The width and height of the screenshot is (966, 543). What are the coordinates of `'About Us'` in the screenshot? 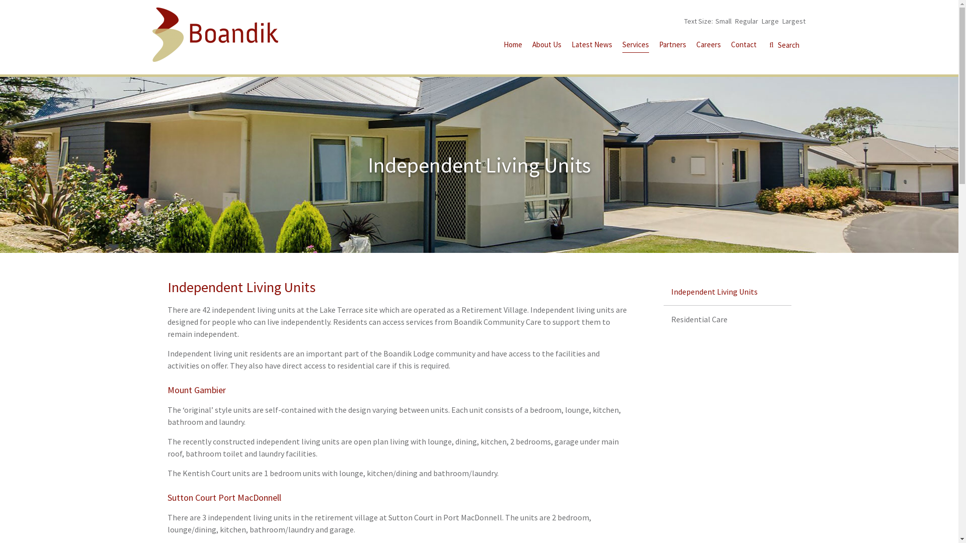 It's located at (546, 46).